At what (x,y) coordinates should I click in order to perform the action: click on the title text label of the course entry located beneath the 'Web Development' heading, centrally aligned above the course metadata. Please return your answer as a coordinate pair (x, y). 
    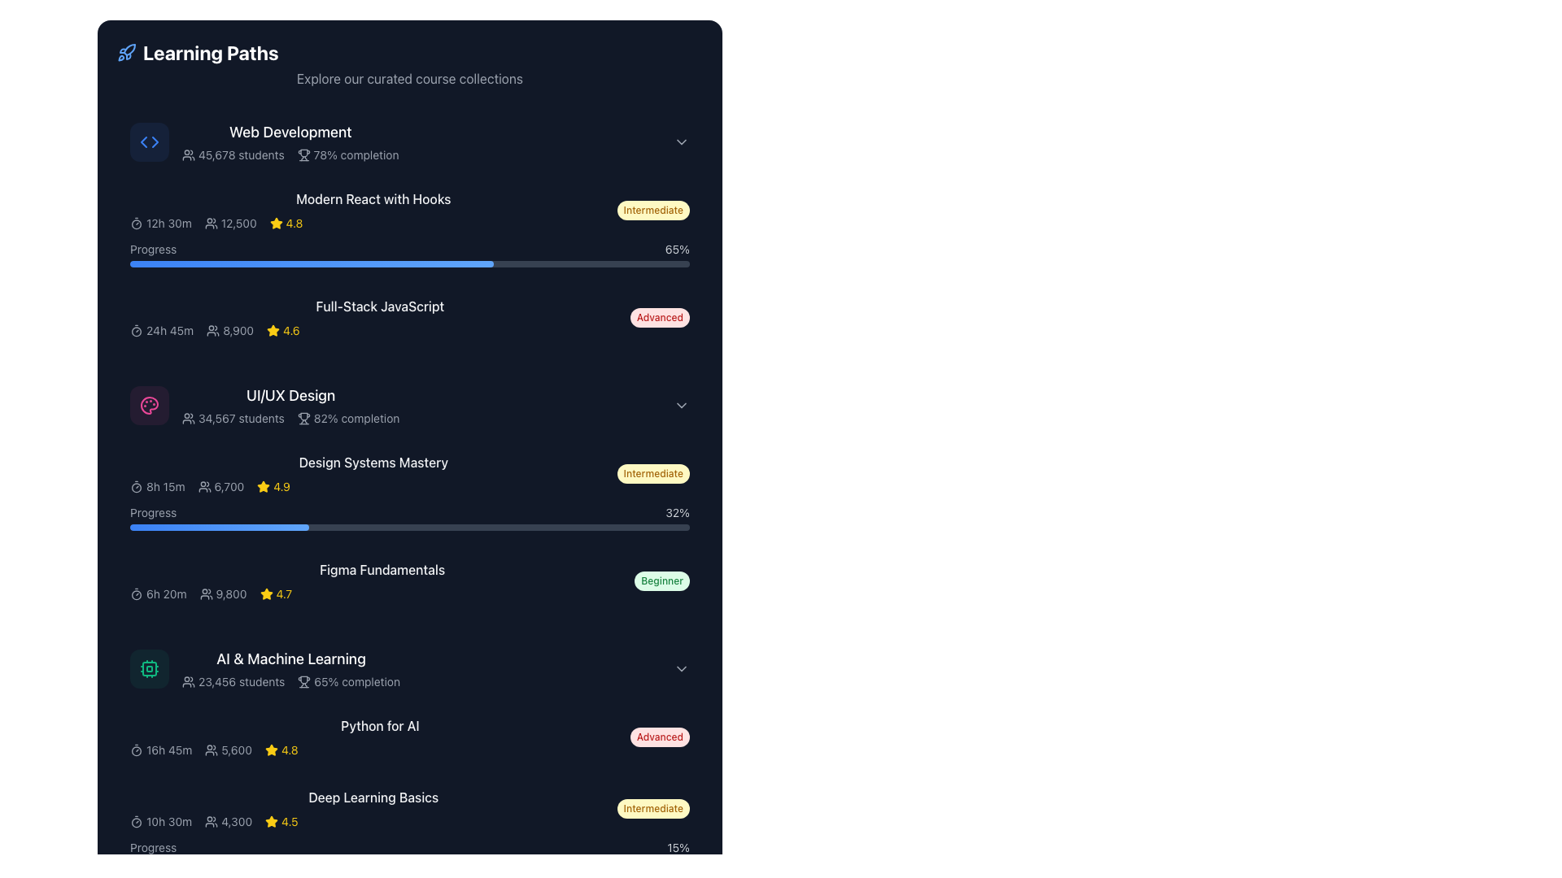
    Looking at the image, I should click on (373, 198).